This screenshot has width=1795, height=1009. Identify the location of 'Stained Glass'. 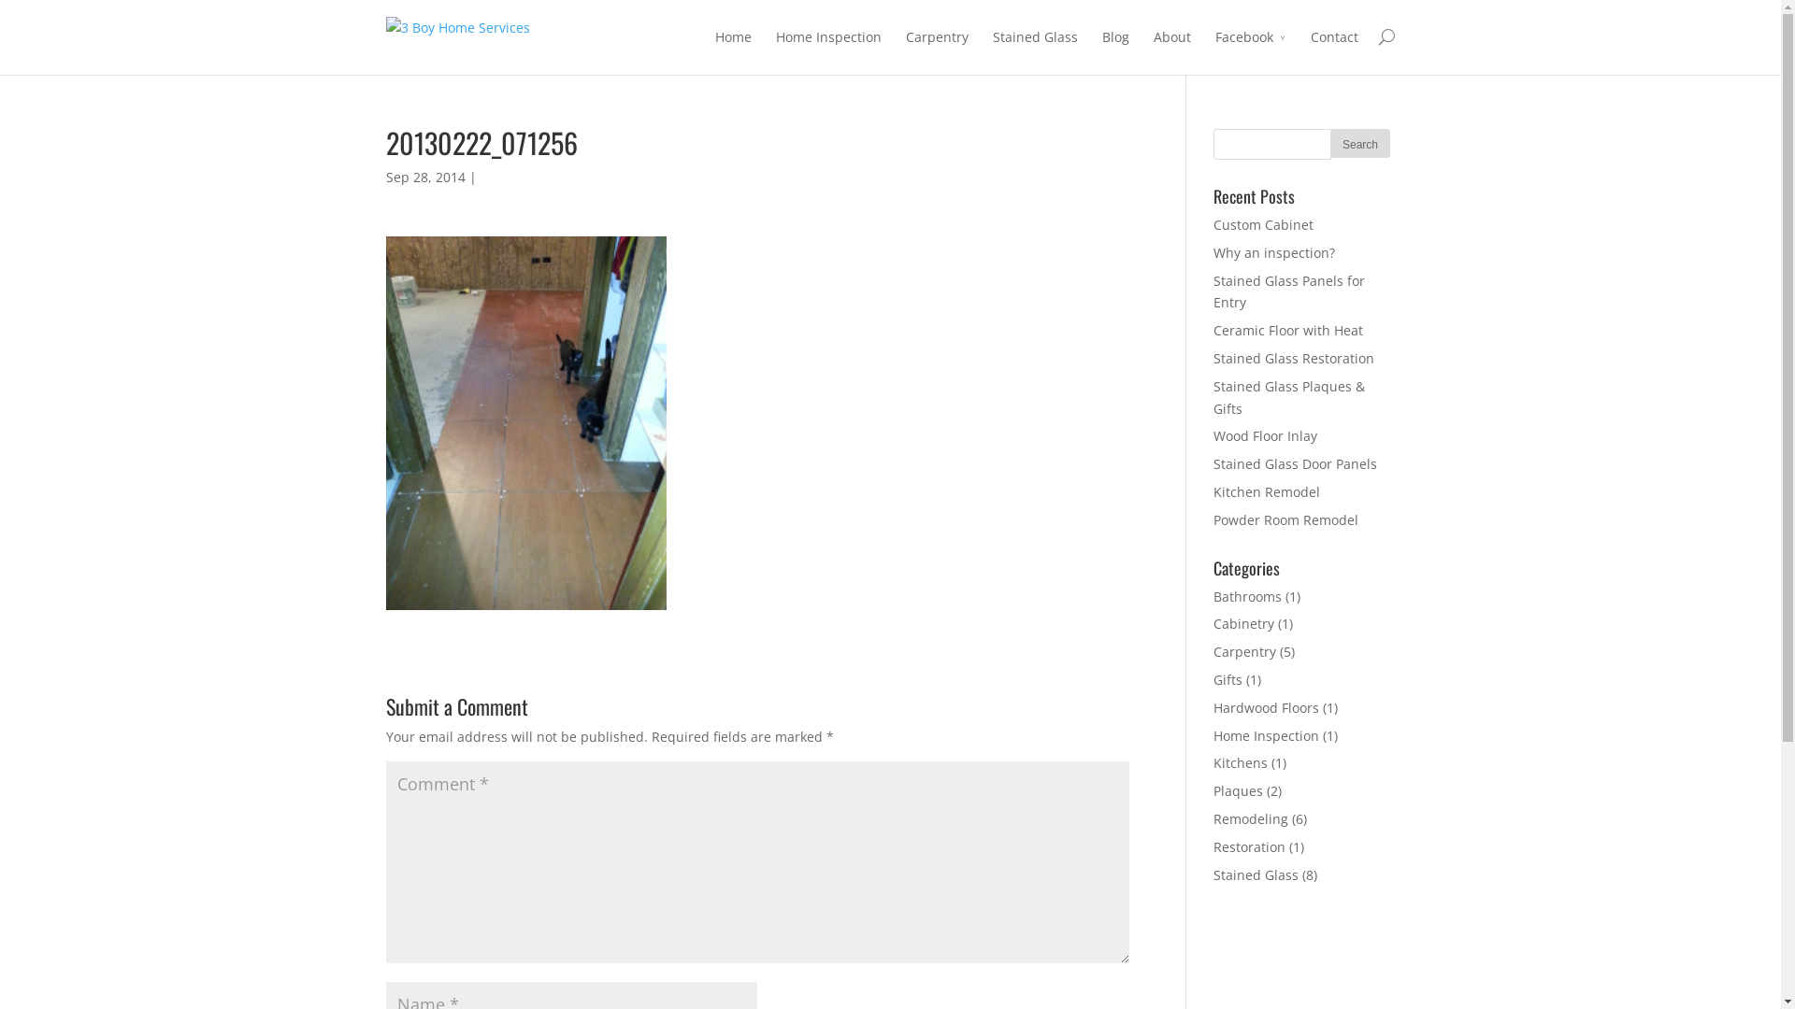
(1034, 50).